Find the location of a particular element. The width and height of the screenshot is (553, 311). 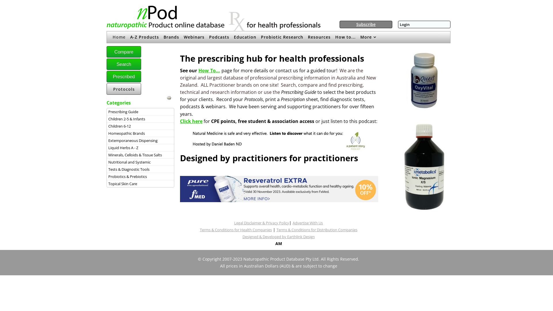

'Legal Disclaimer & Privacy Policy' is located at coordinates (261, 223).